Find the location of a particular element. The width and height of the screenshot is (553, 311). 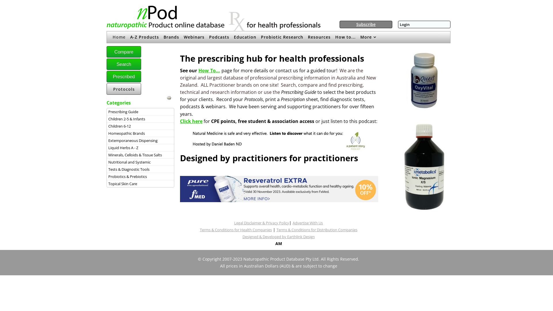

'Legal Disclaimer & Privacy Policy' is located at coordinates (261, 223).